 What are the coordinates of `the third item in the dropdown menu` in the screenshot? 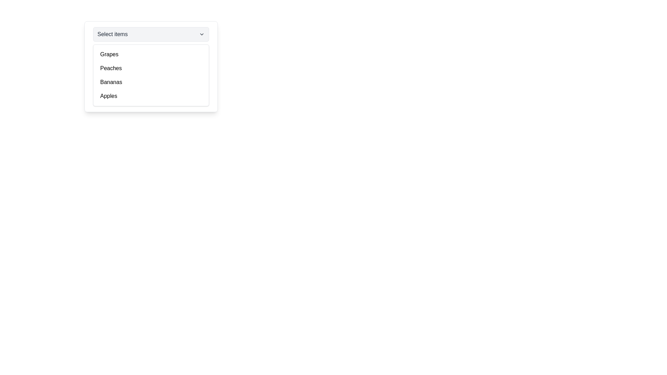 It's located at (150, 82).